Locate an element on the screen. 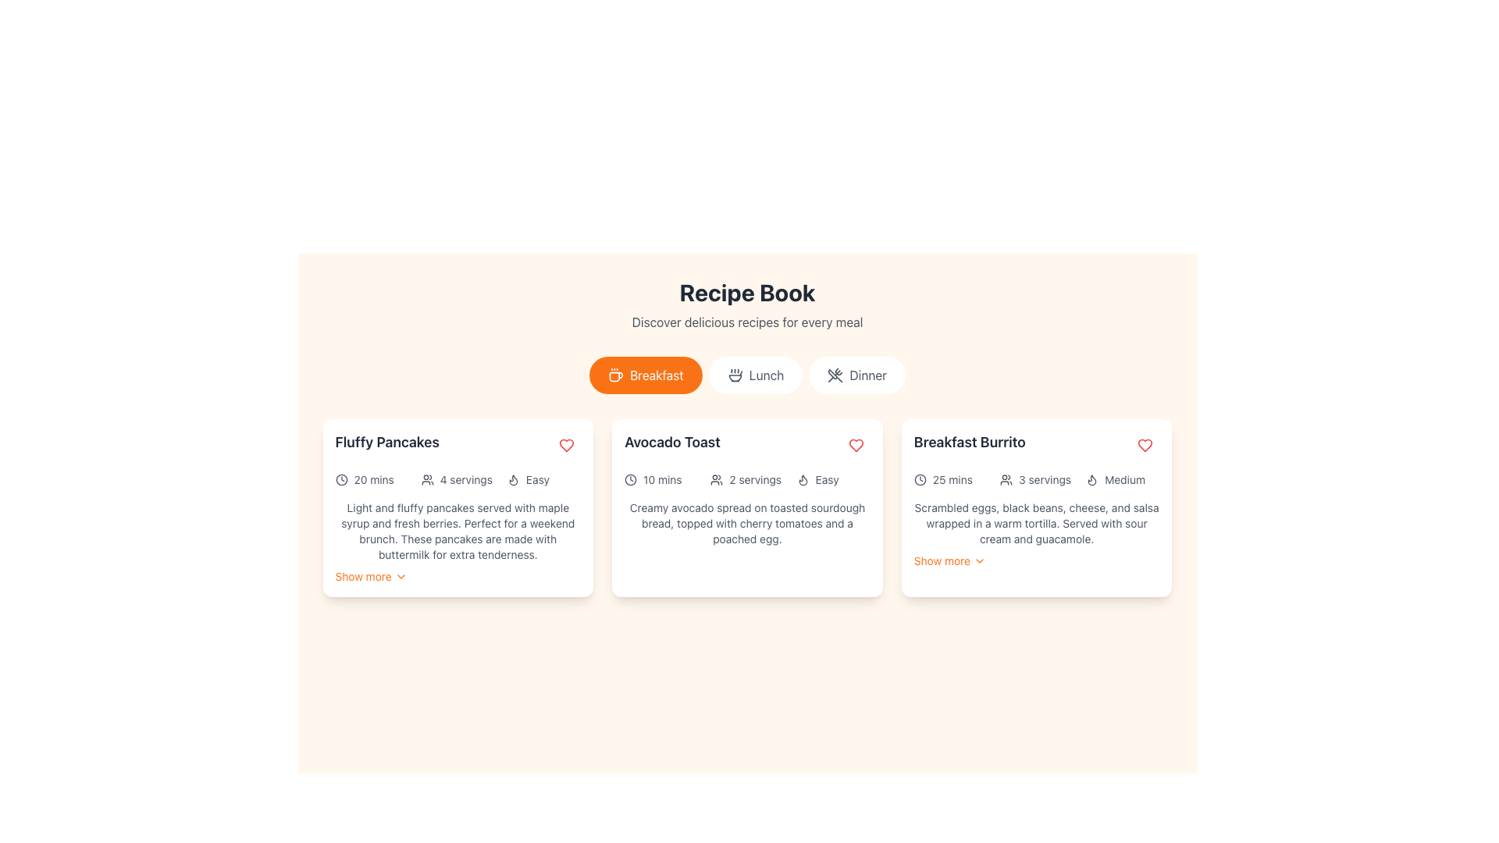  the 'Lunch' button for keyboard navigation is located at coordinates (746, 375).